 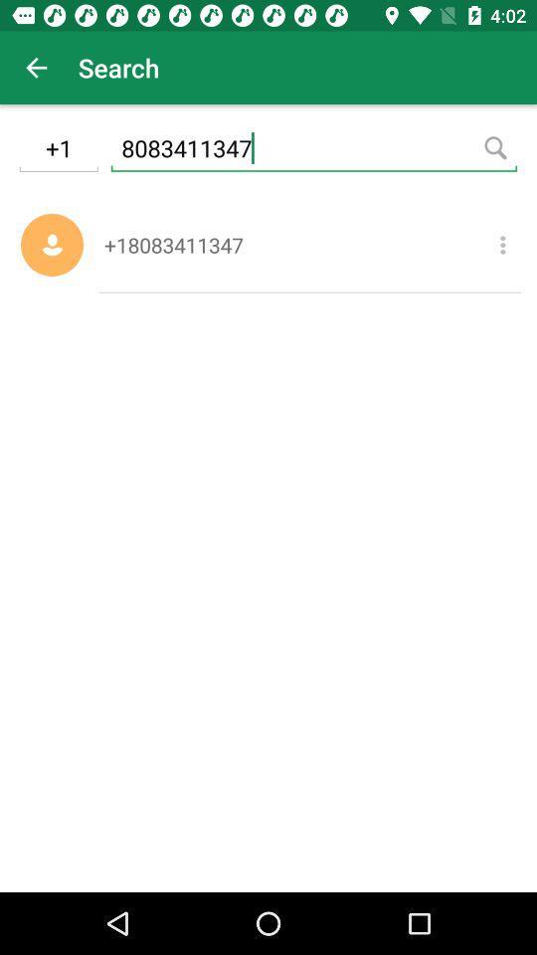 What do you see at coordinates (313, 150) in the screenshot?
I see `the icon above the +18083411347 item` at bounding box center [313, 150].